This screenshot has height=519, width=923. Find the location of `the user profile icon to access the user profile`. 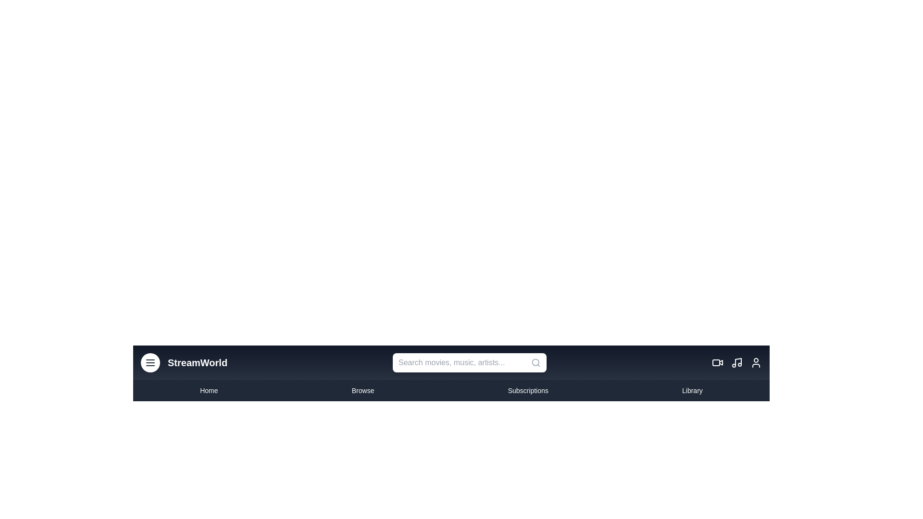

the user profile icon to access the user profile is located at coordinates (755, 363).